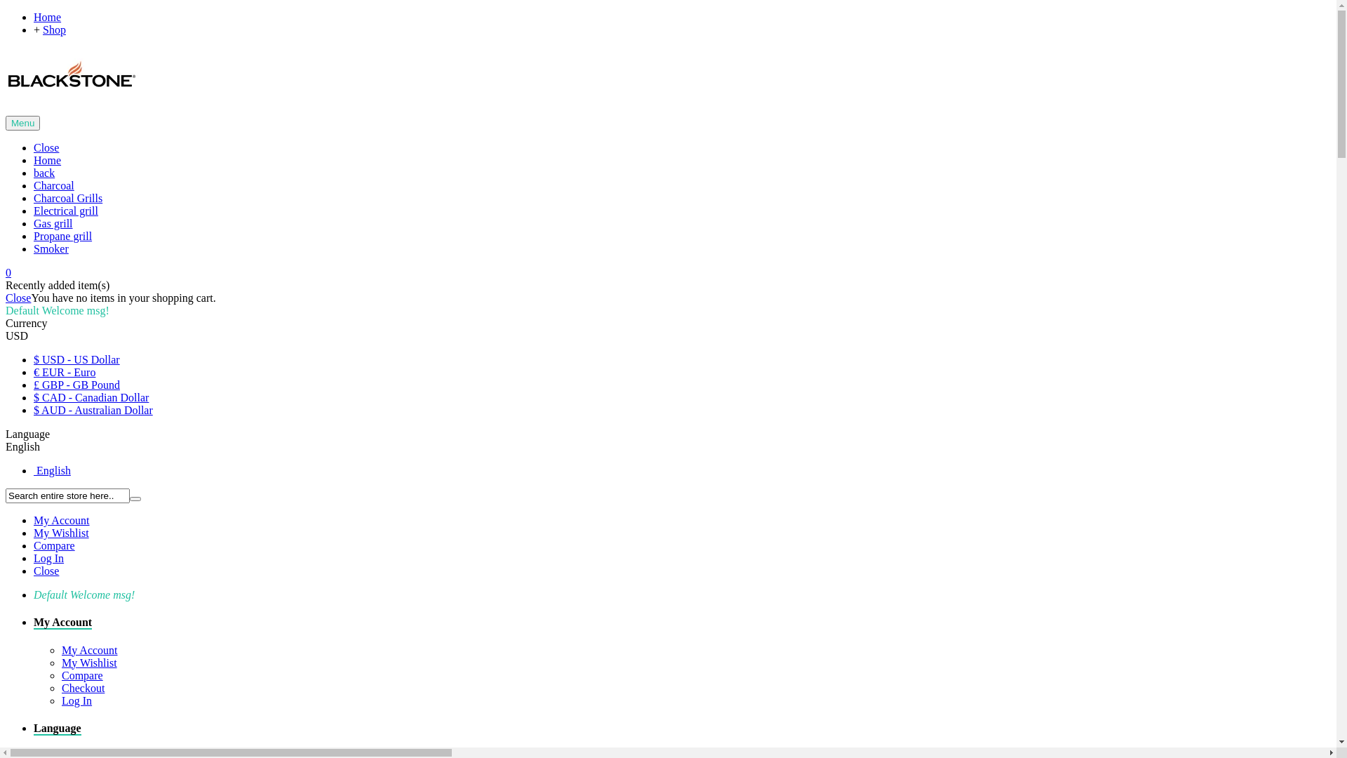 Image resolution: width=1347 pixels, height=758 pixels. I want to click on '$ USD - US Dollar', so click(34, 359).